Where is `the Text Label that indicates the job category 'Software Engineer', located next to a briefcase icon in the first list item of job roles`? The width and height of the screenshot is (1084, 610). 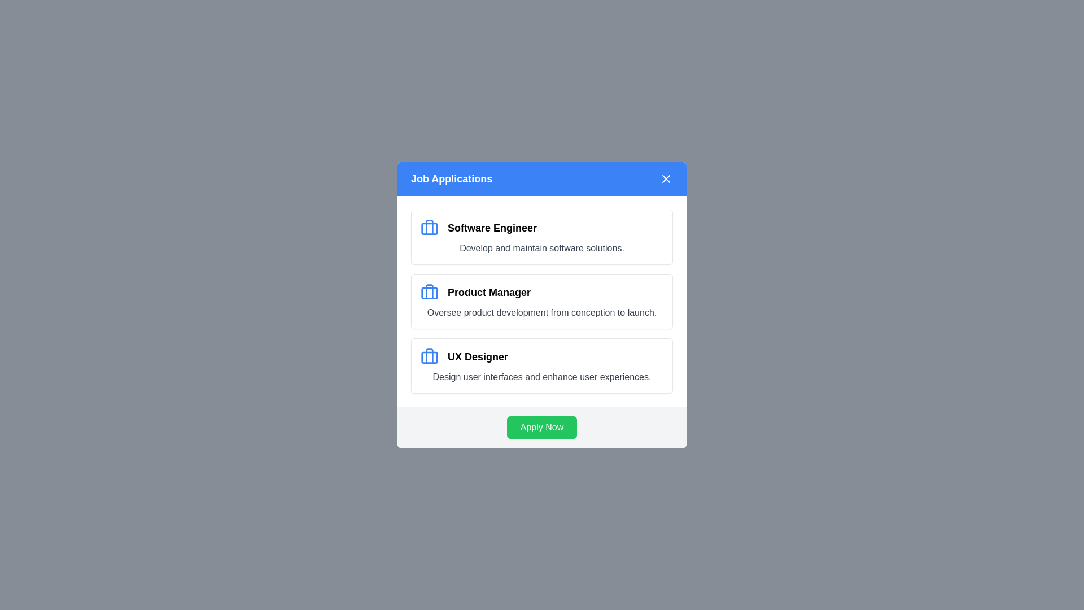
the Text Label that indicates the job category 'Software Engineer', located next to a briefcase icon in the first list item of job roles is located at coordinates (492, 228).